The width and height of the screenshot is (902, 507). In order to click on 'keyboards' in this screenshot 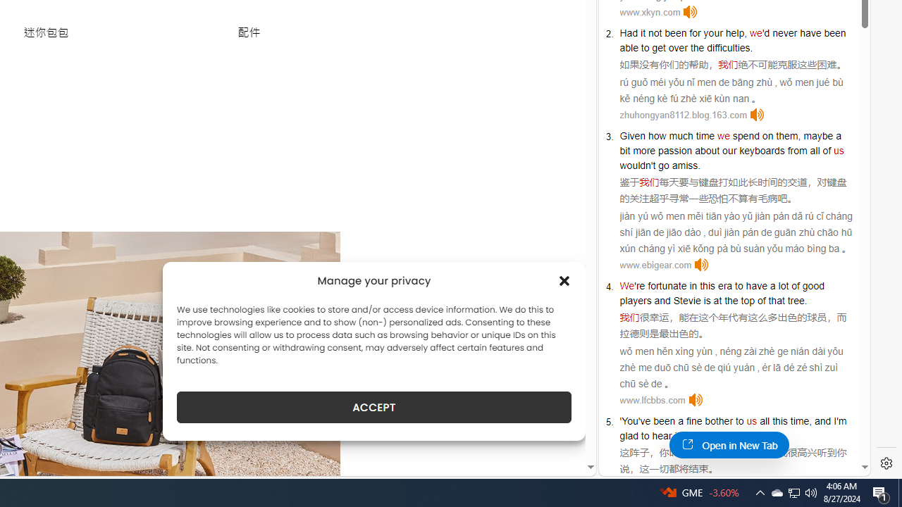, I will do `click(761, 150)`.